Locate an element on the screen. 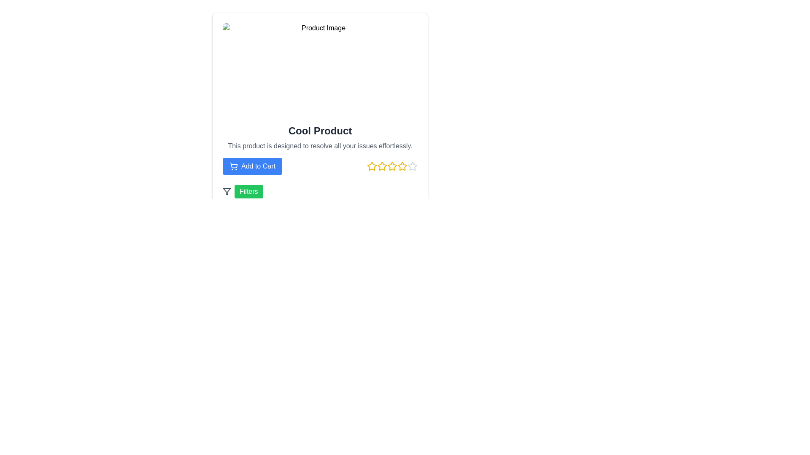 The width and height of the screenshot is (810, 455). the fifth star in the rating system located near the bottom center of the product card to rate the product is located at coordinates (392, 166).